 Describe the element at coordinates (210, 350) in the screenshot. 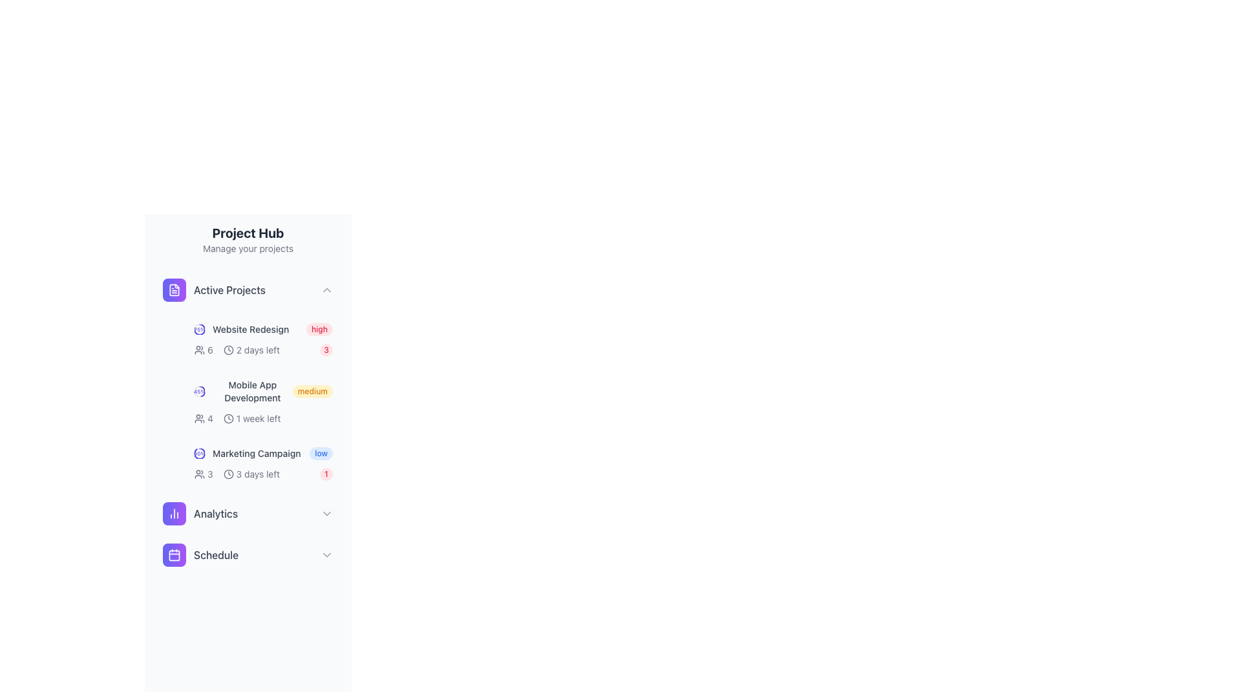

I see `numeric label displaying the number '6' in medium-grey color, located in the 'Active Projects' section of the side menu, next to the user icon and below the 'Website Redesign' project entry` at that location.